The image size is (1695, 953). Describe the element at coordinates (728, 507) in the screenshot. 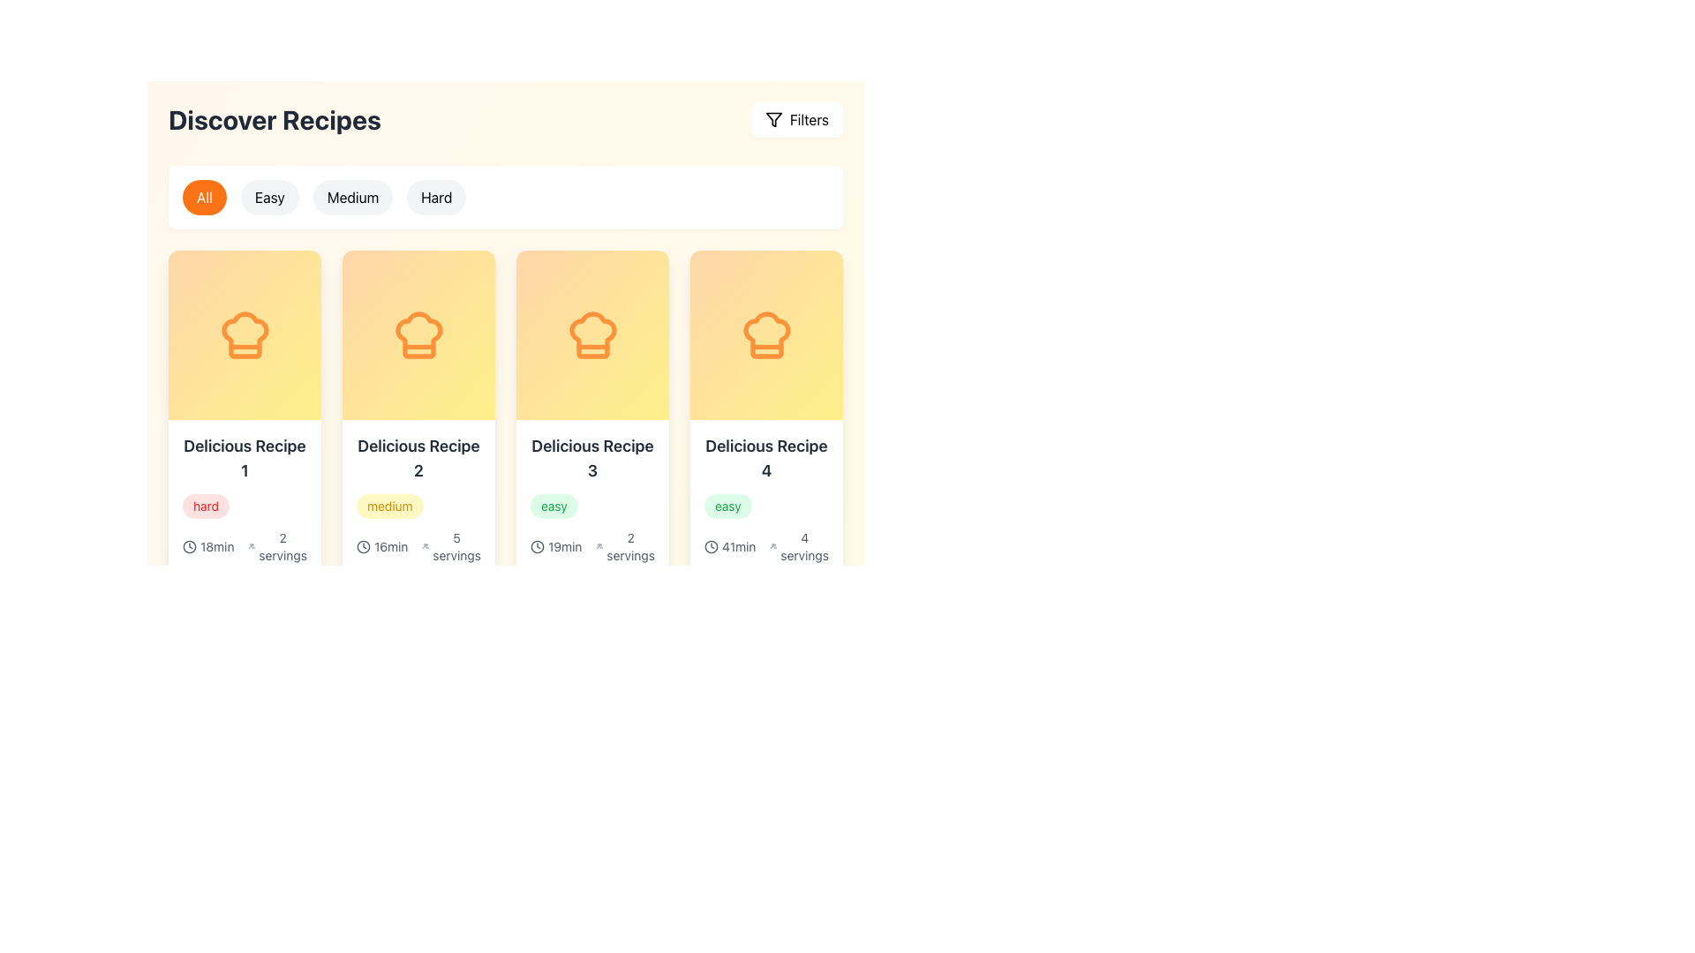

I see `the label that indicates the difficulty level of the recipe, categorized as 'easy', located within the card labeled 'Delicious Recipe 4', positioned below the recipe's title and above the preparation time and servings information` at that location.